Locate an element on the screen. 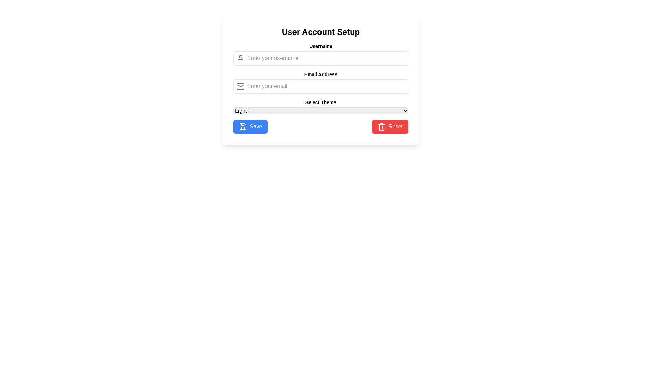 The width and height of the screenshot is (656, 369). the left side of the email icon, which visually represents the email input field, providing a hint for email entry is located at coordinates (241, 86).